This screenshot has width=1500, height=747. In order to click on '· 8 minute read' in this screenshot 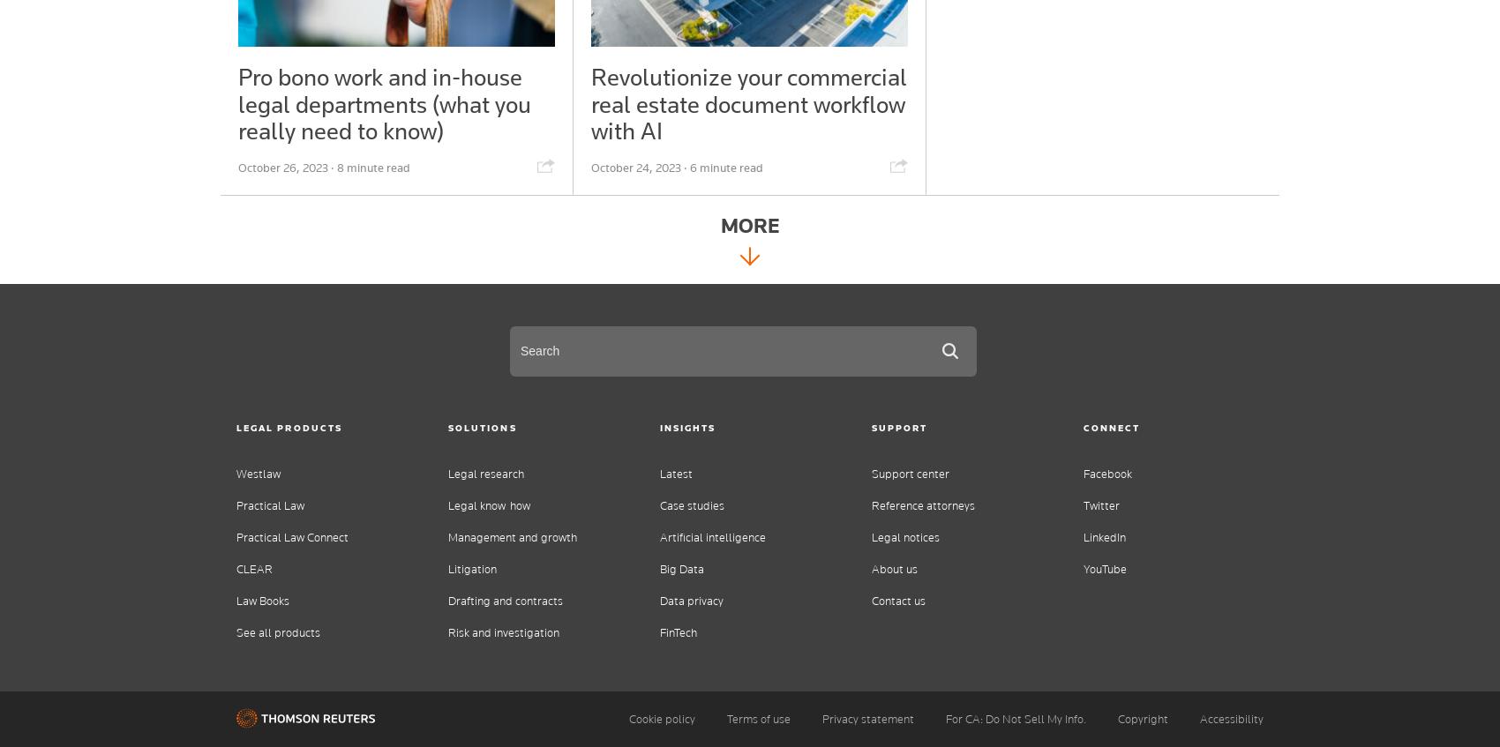, I will do `click(368, 168)`.